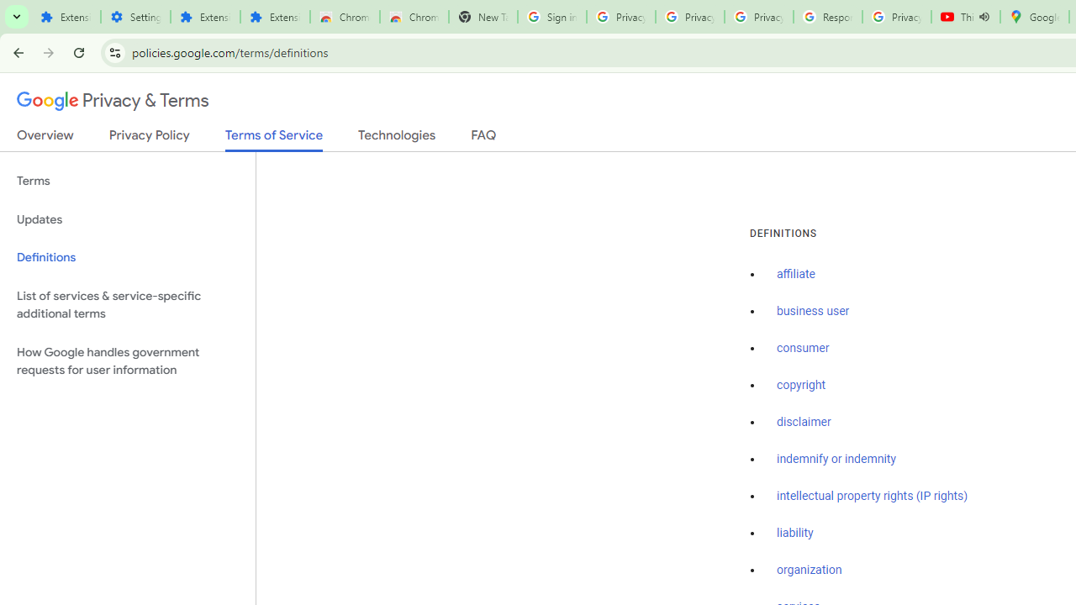 The width and height of the screenshot is (1076, 605). What do you see at coordinates (127, 304) in the screenshot?
I see `'List of services & service-specific additional terms'` at bounding box center [127, 304].